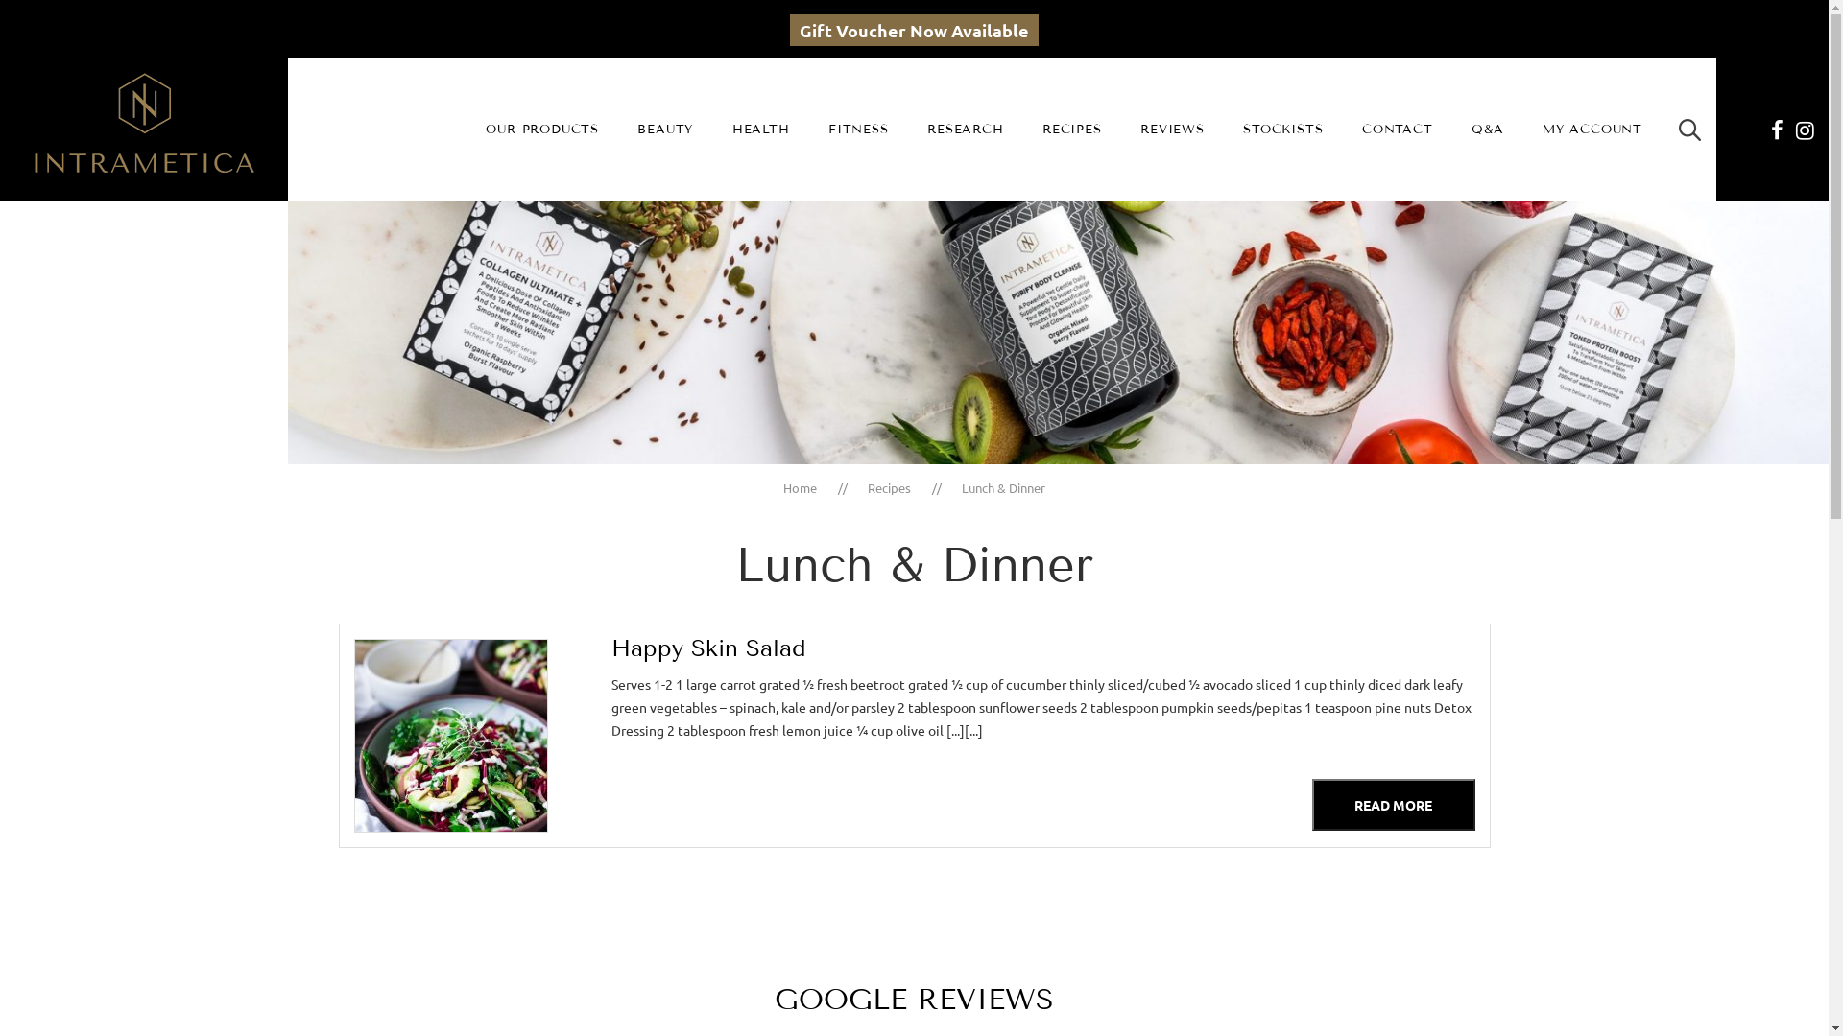 This screenshot has height=1036, width=1843. Describe the element at coordinates (1171, 129) in the screenshot. I see `'REVIEWS'` at that location.